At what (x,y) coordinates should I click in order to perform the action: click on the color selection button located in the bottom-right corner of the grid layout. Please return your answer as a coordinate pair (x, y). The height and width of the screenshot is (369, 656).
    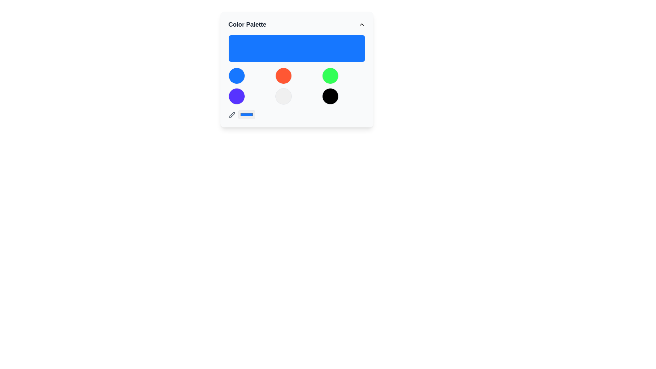
    Looking at the image, I should click on (330, 96).